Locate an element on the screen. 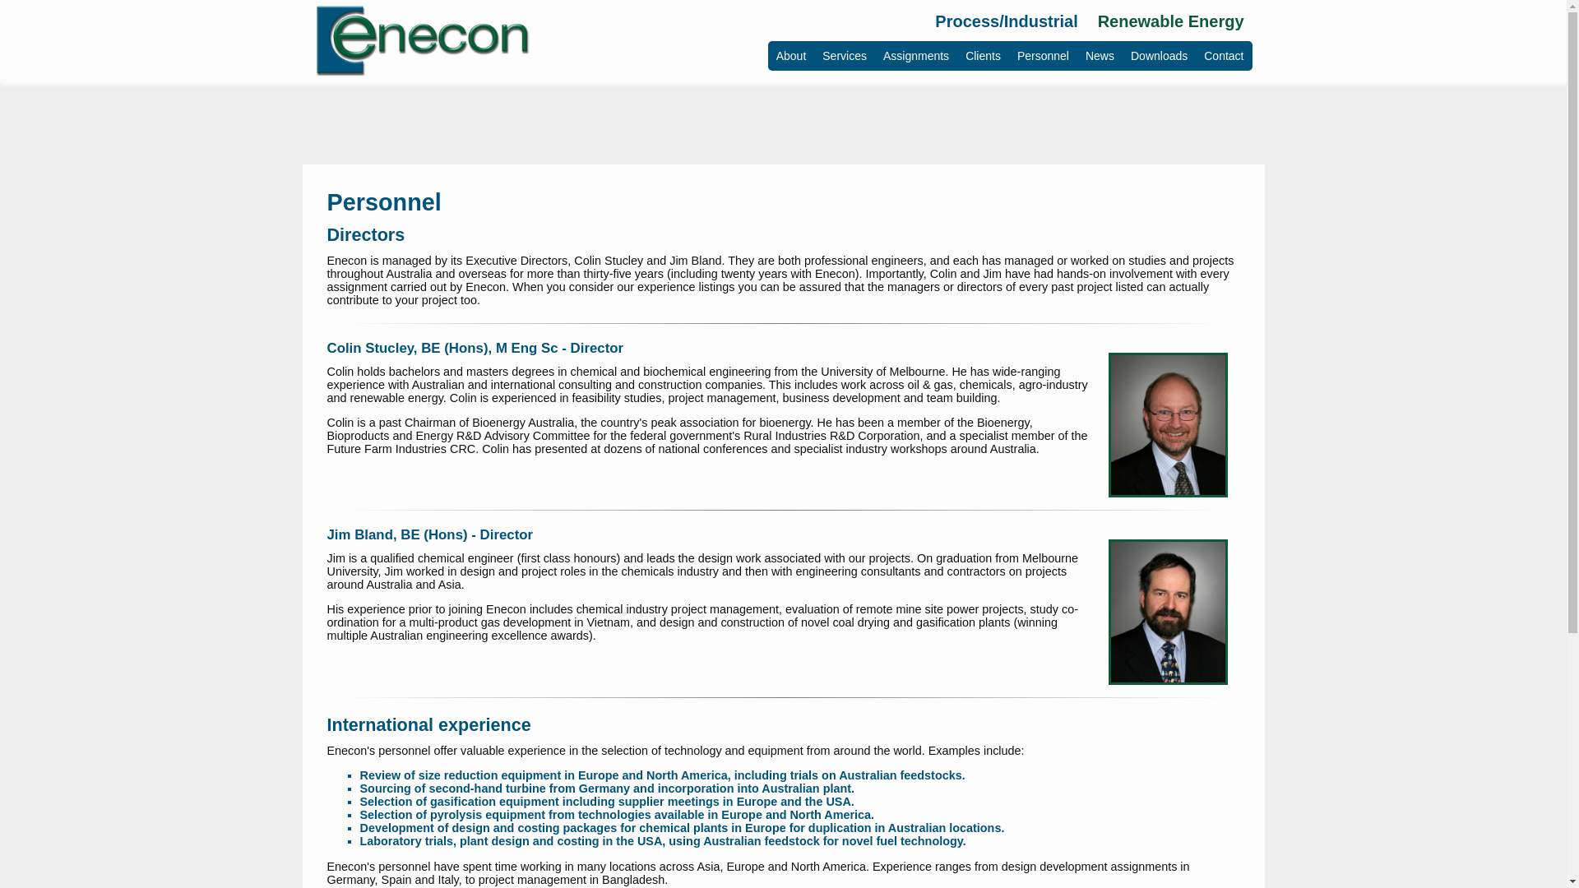 The image size is (1579, 888). 'Renewable Energy' is located at coordinates (1170, 22).